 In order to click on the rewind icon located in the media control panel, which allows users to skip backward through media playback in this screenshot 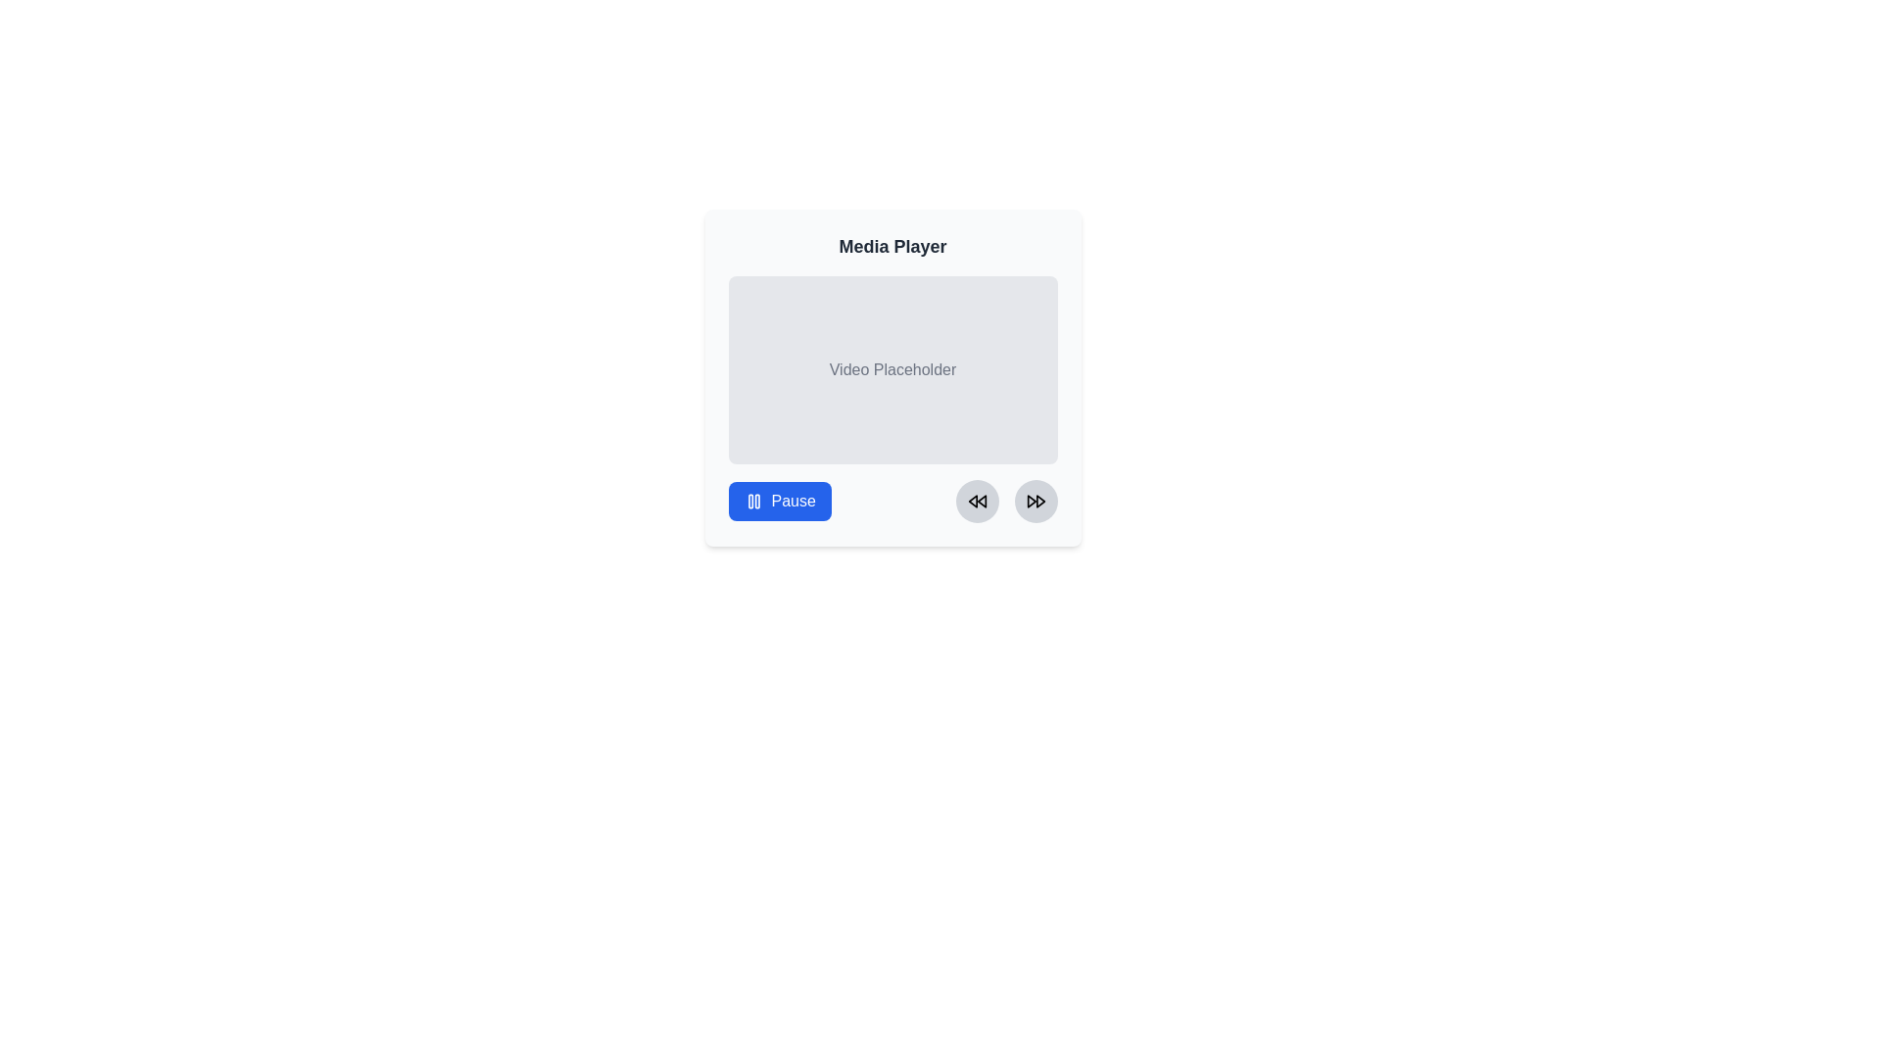, I will do `click(972, 501)`.